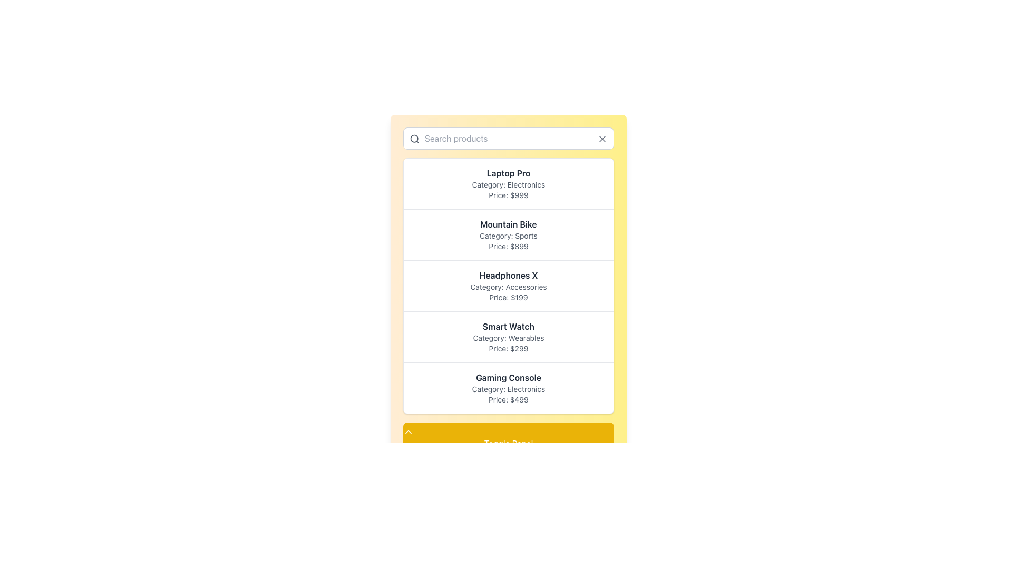 The height and width of the screenshot is (569, 1012). Describe the element at coordinates (602, 138) in the screenshot. I see `the close or clear icon located at the rightmost end of the search bar, which is used` at that location.